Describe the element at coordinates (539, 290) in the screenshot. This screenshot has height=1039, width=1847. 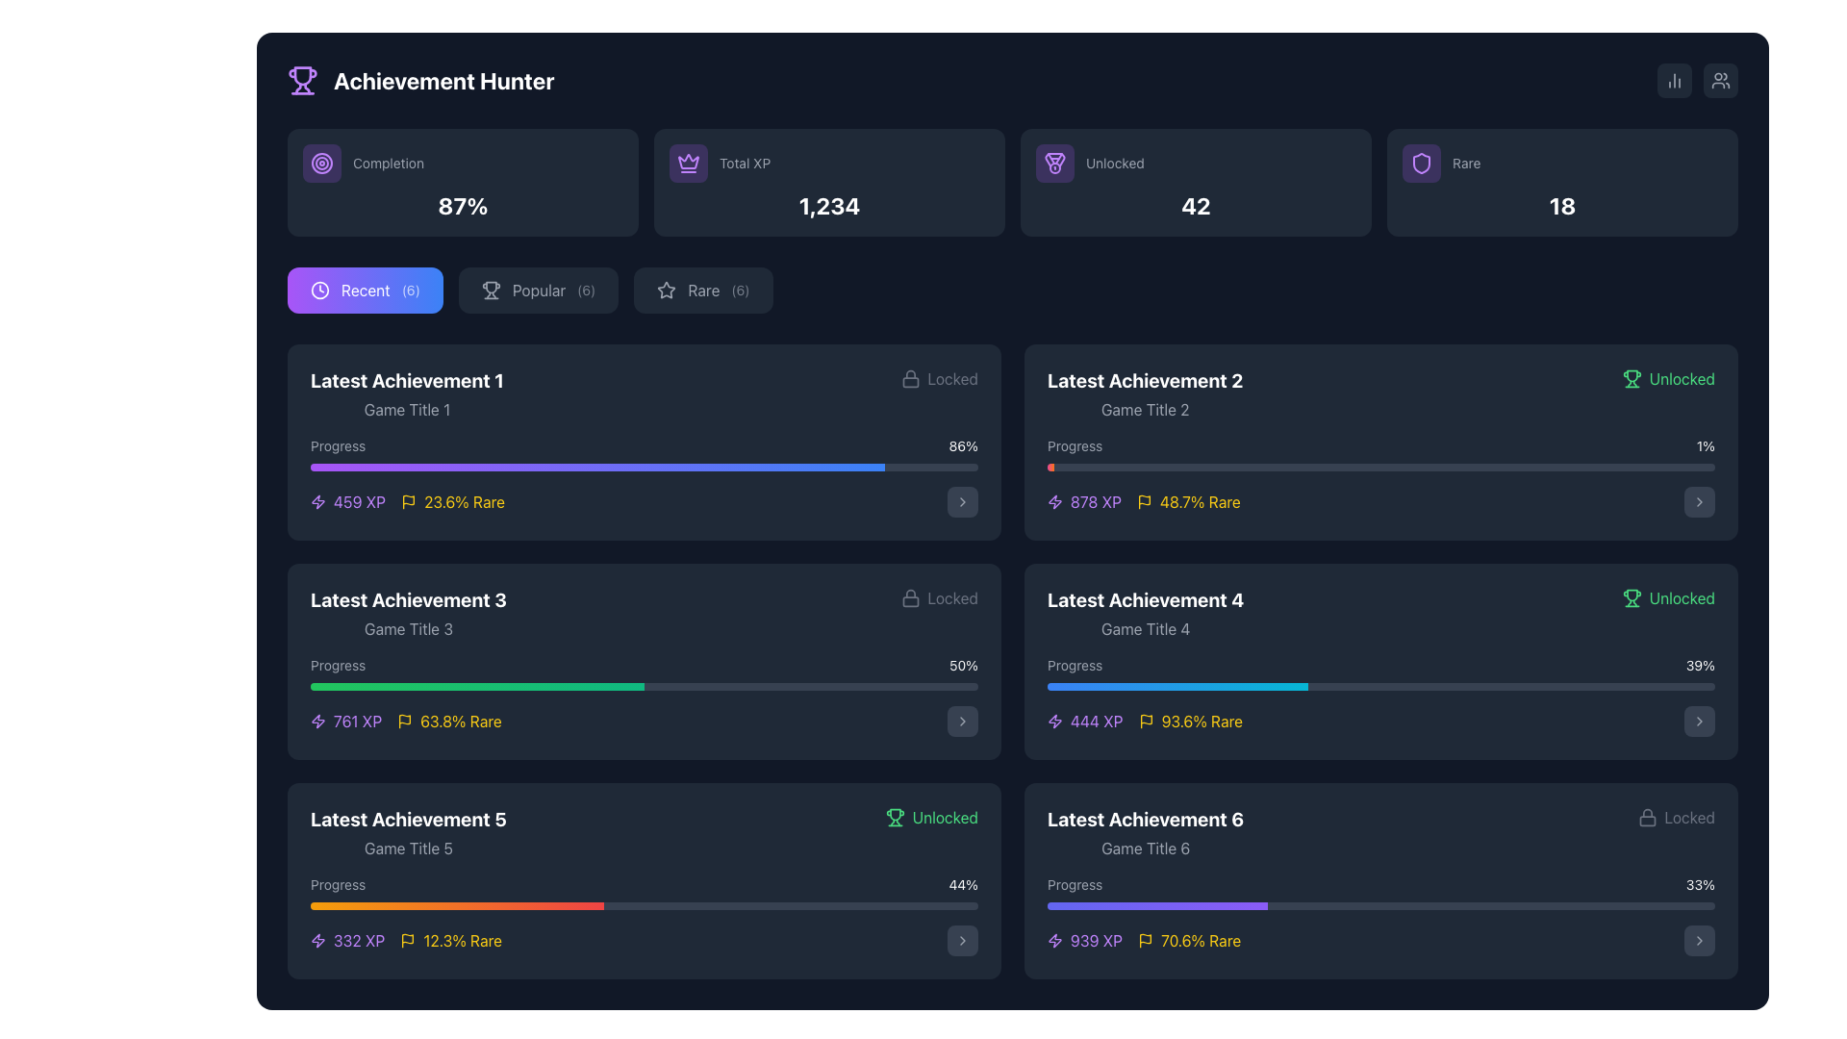
I see `the 'Popular' button, which is the second button in a row of three buttons, to filter items categorized under the 'Popular' tag` at that location.